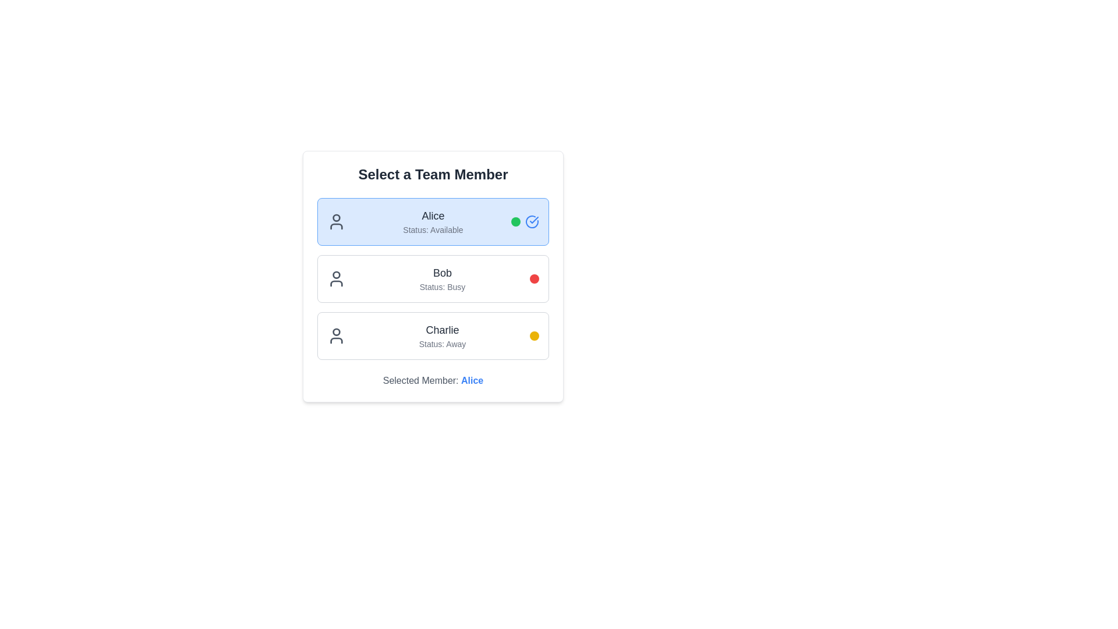 The height and width of the screenshot is (629, 1118). I want to click on the informational display for the team member Charlie, which shows their name and current availability status, located in the third entry under the 'Select a Team Member' section, so click(441, 336).